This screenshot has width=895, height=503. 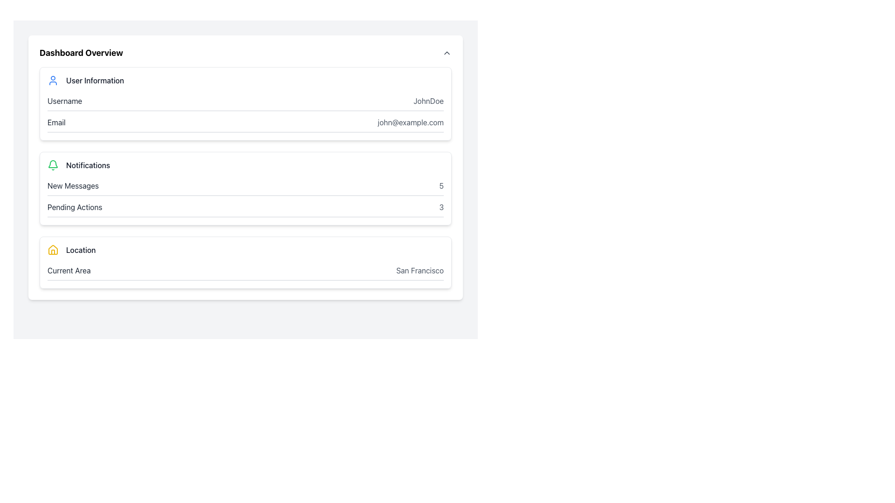 What do you see at coordinates (88, 164) in the screenshot?
I see `the 'Notifications' static text label, which serves as a heading in the dashboard interface and is located above the list of messages and actions` at bounding box center [88, 164].